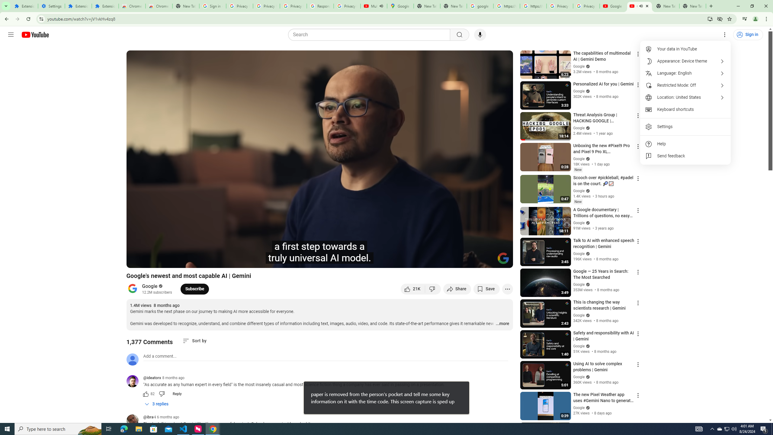 This screenshot has height=435, width=773. Describe the element at coordinates (156, 404) in the screenshot. I see `'3 replies'` at that location.